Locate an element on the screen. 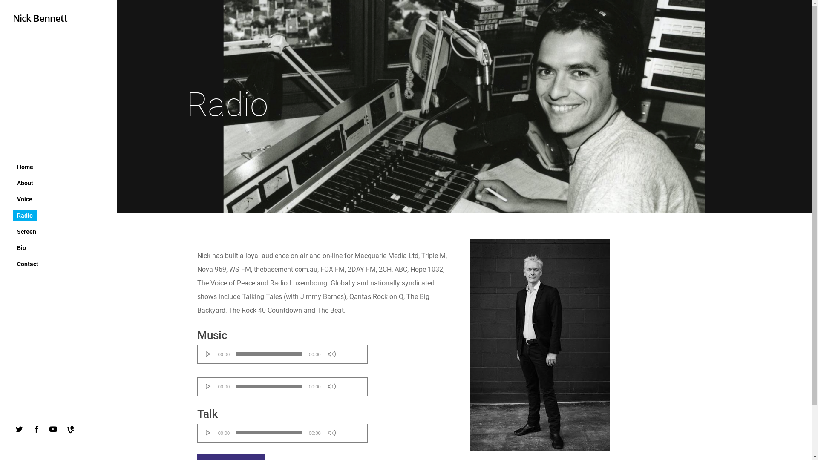 This screenshot has height=460, width=818. 'vine' is located at coordinates (72, 430).